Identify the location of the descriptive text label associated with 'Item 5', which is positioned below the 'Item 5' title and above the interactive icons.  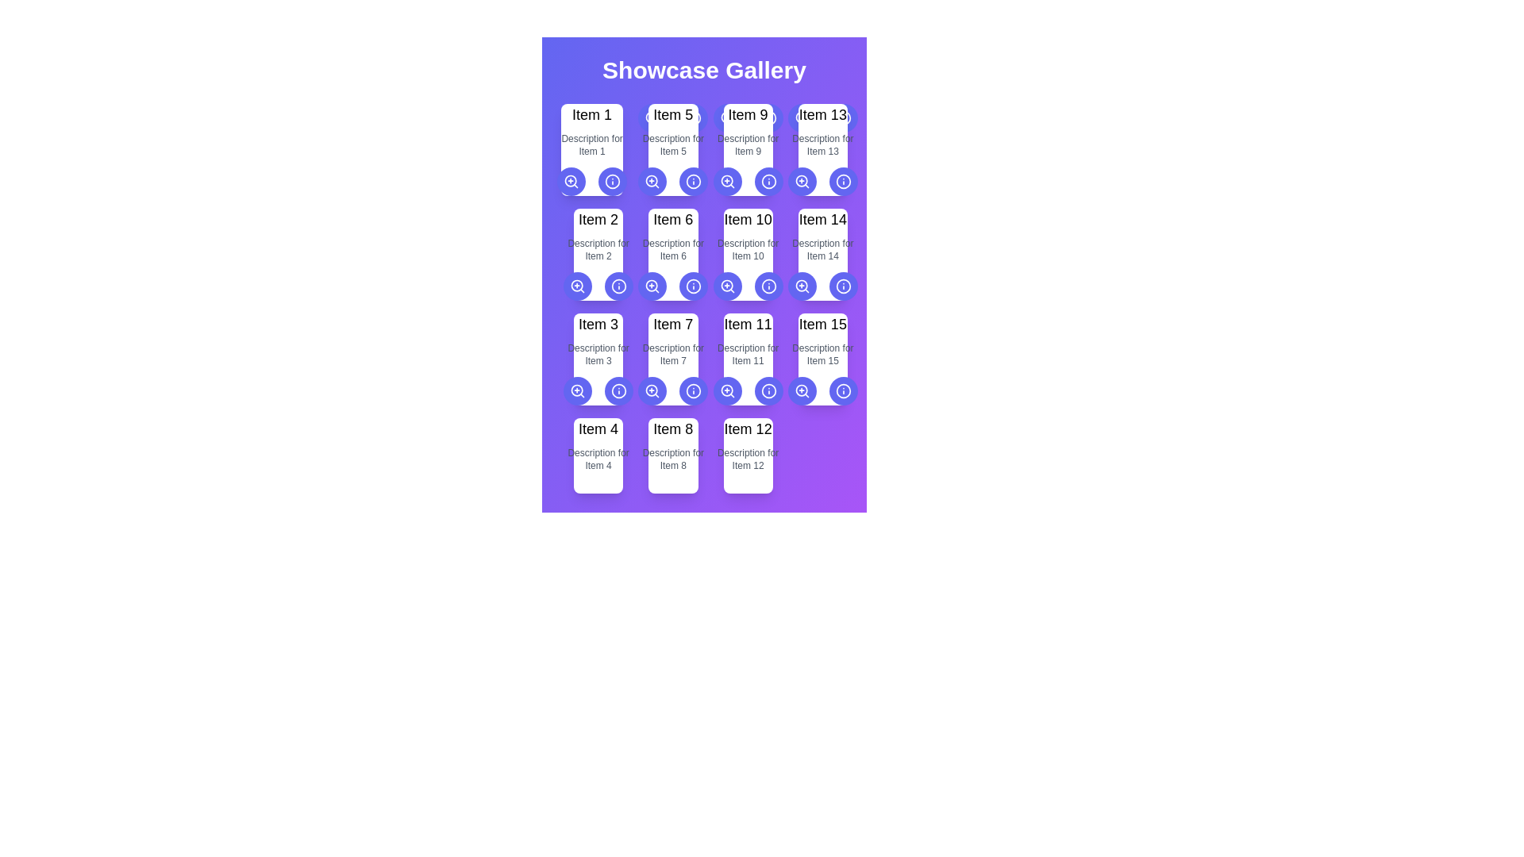
(673, 144).